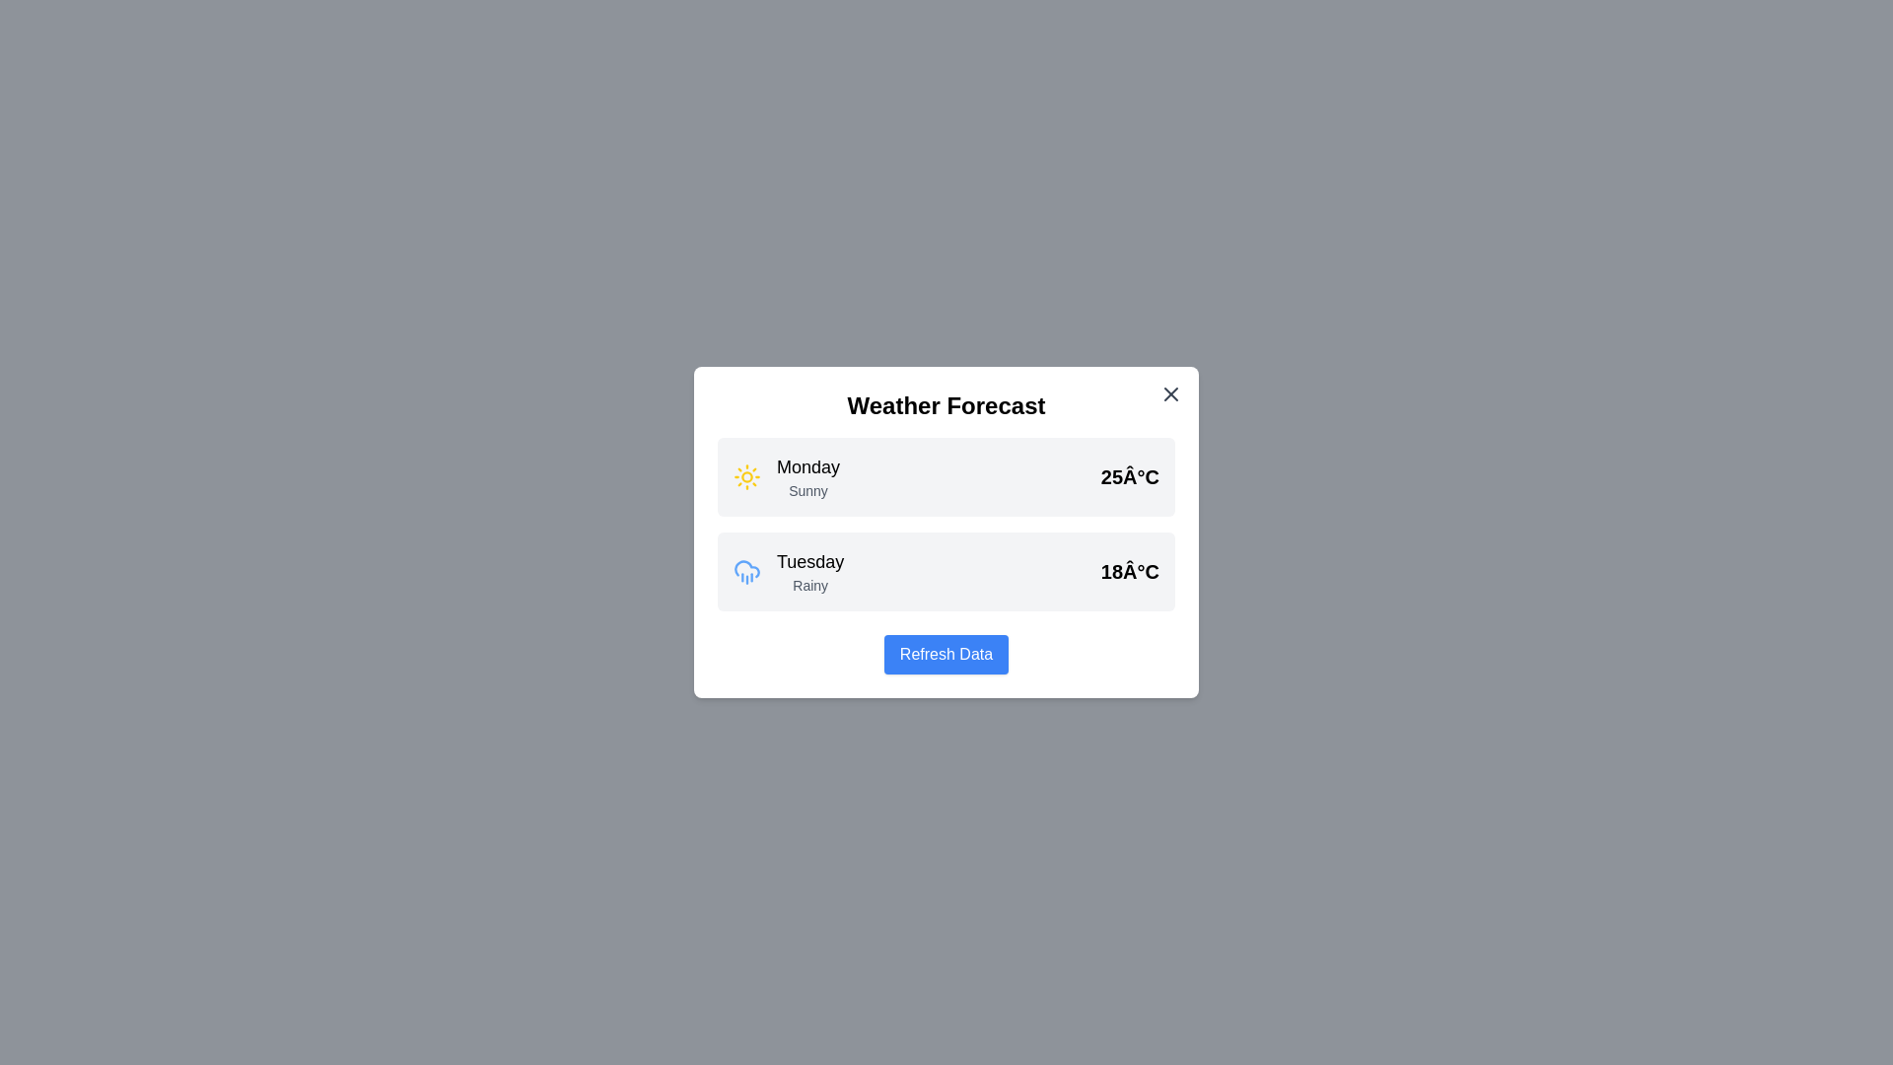  What do you see at coordinates (810, 585) in the screenshot?
I see `the text label 'Rainy' displayed in a small, gray font, located below 'Tuesday' in the weather forecast interface` at bounding box center [810, 585].